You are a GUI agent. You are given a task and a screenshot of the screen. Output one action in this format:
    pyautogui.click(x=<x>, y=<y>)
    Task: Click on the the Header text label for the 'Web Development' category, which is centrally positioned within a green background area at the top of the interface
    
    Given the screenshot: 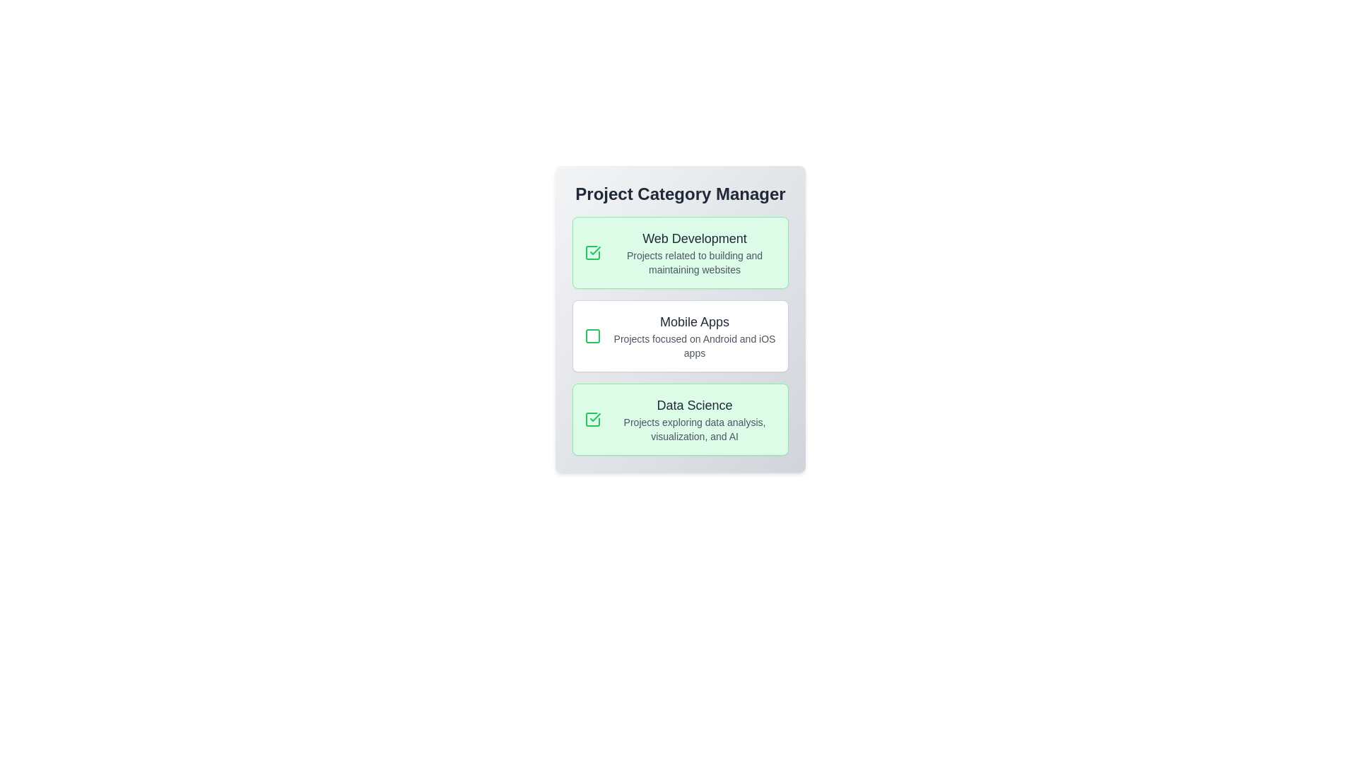 What is the action you would take?
    pyautogui.click(x=695, y=238)
    